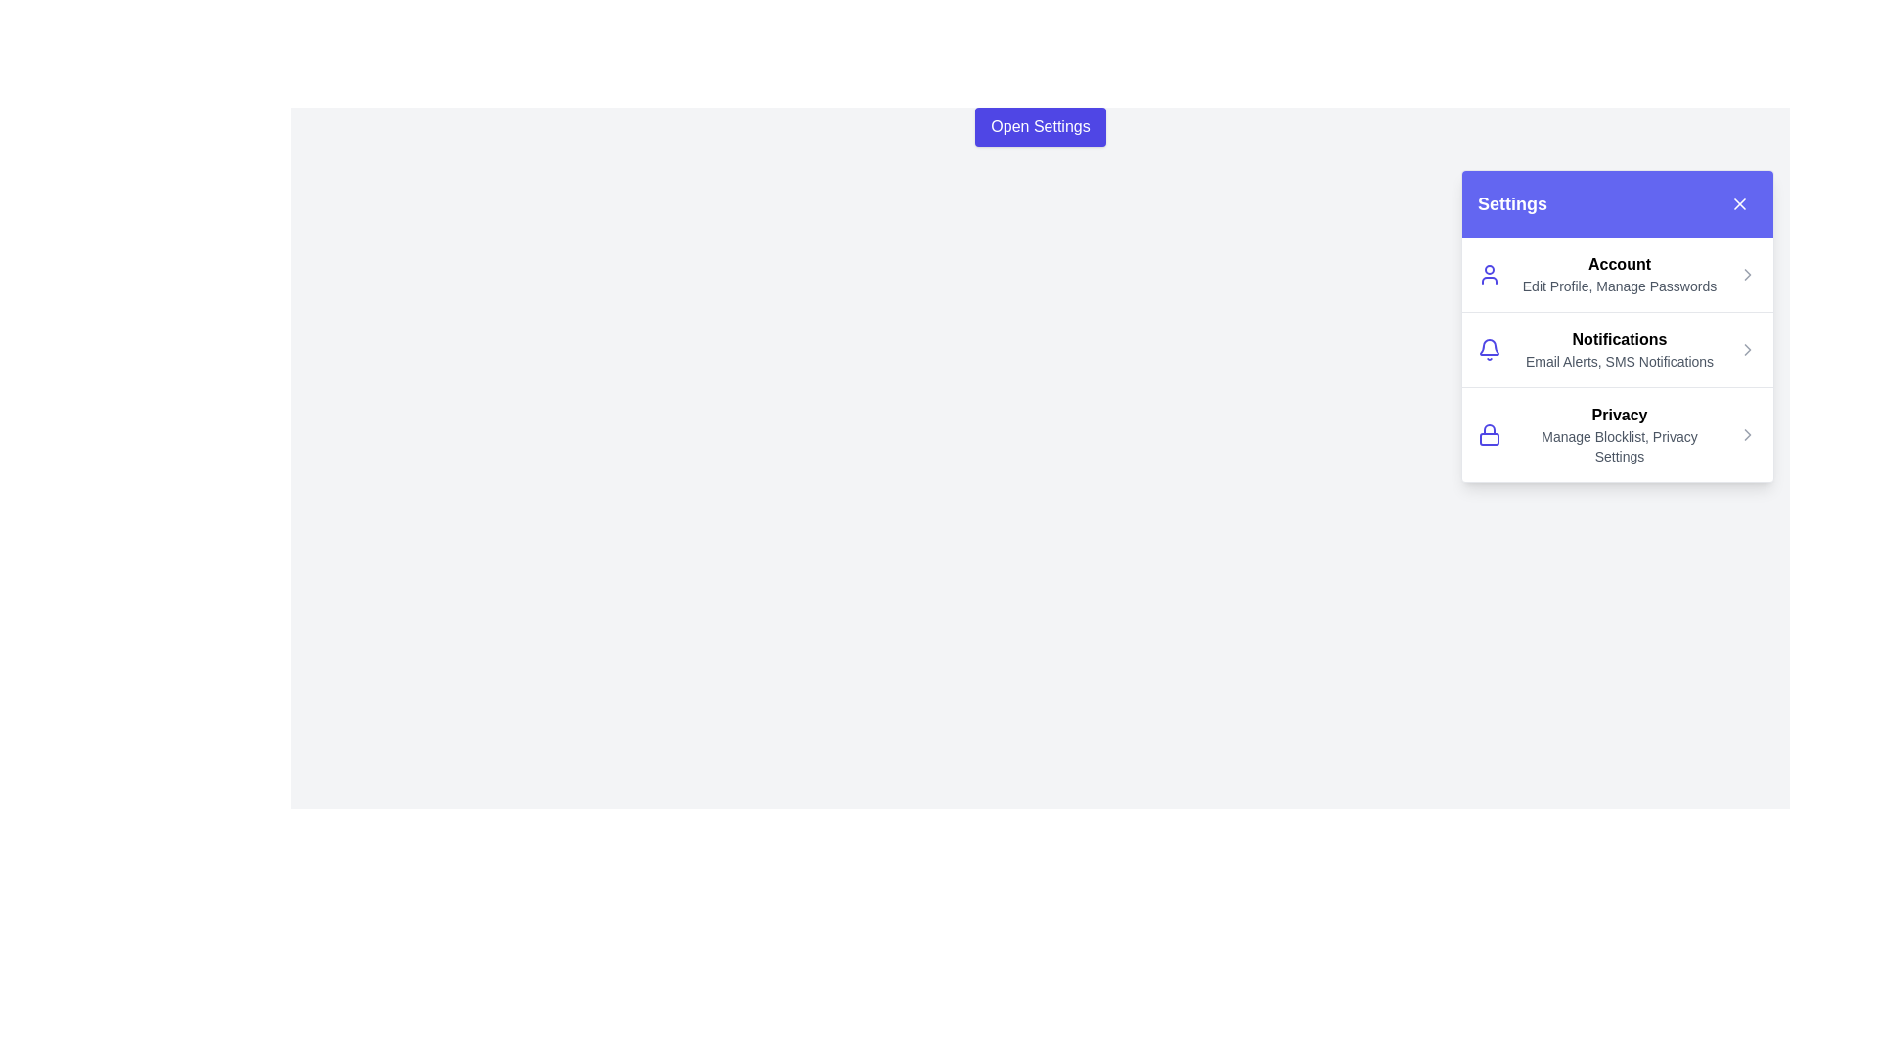 This screenshot has width=1878, height=1056. I want to click on the small rightward-pointing arrow icon in light gray color, located to the far right of the 'Account' list item within the settings menu, so click(1747, 275).